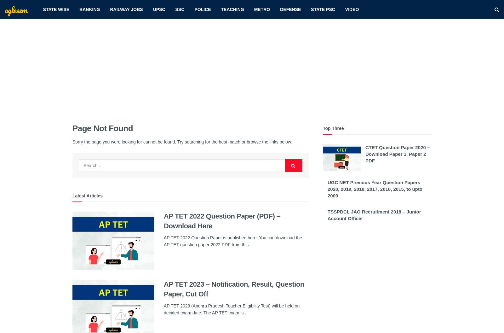 The image size is (504, 333). What do you see at coordinates (222, 221) in the screenshot?
I see `'AP TET 2022 Question Paper (PDF) – Download Here'` at bounding box center [222, 221].